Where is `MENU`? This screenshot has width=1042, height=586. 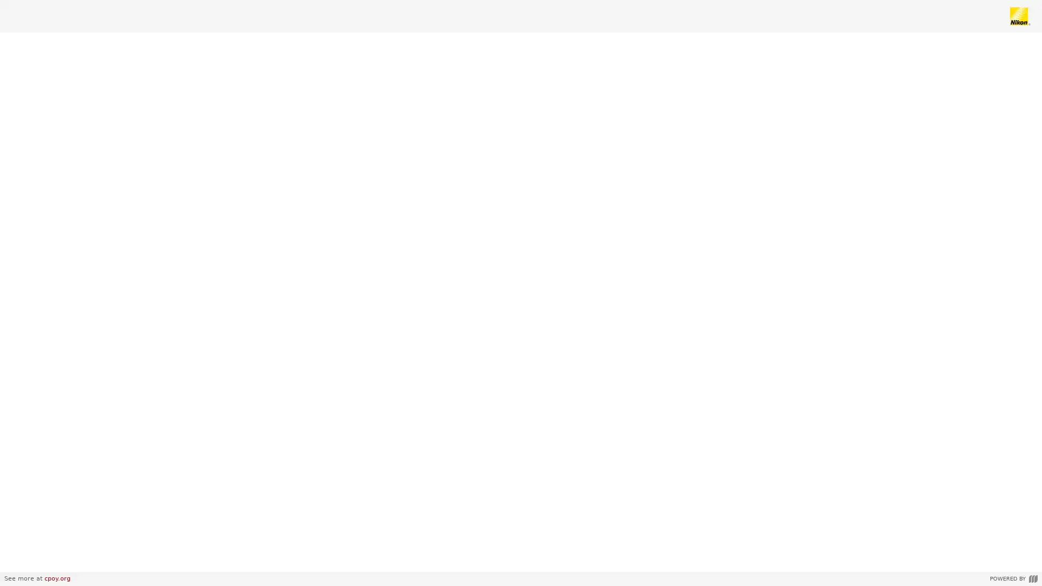
MENU is located at coordinates (18, 560).